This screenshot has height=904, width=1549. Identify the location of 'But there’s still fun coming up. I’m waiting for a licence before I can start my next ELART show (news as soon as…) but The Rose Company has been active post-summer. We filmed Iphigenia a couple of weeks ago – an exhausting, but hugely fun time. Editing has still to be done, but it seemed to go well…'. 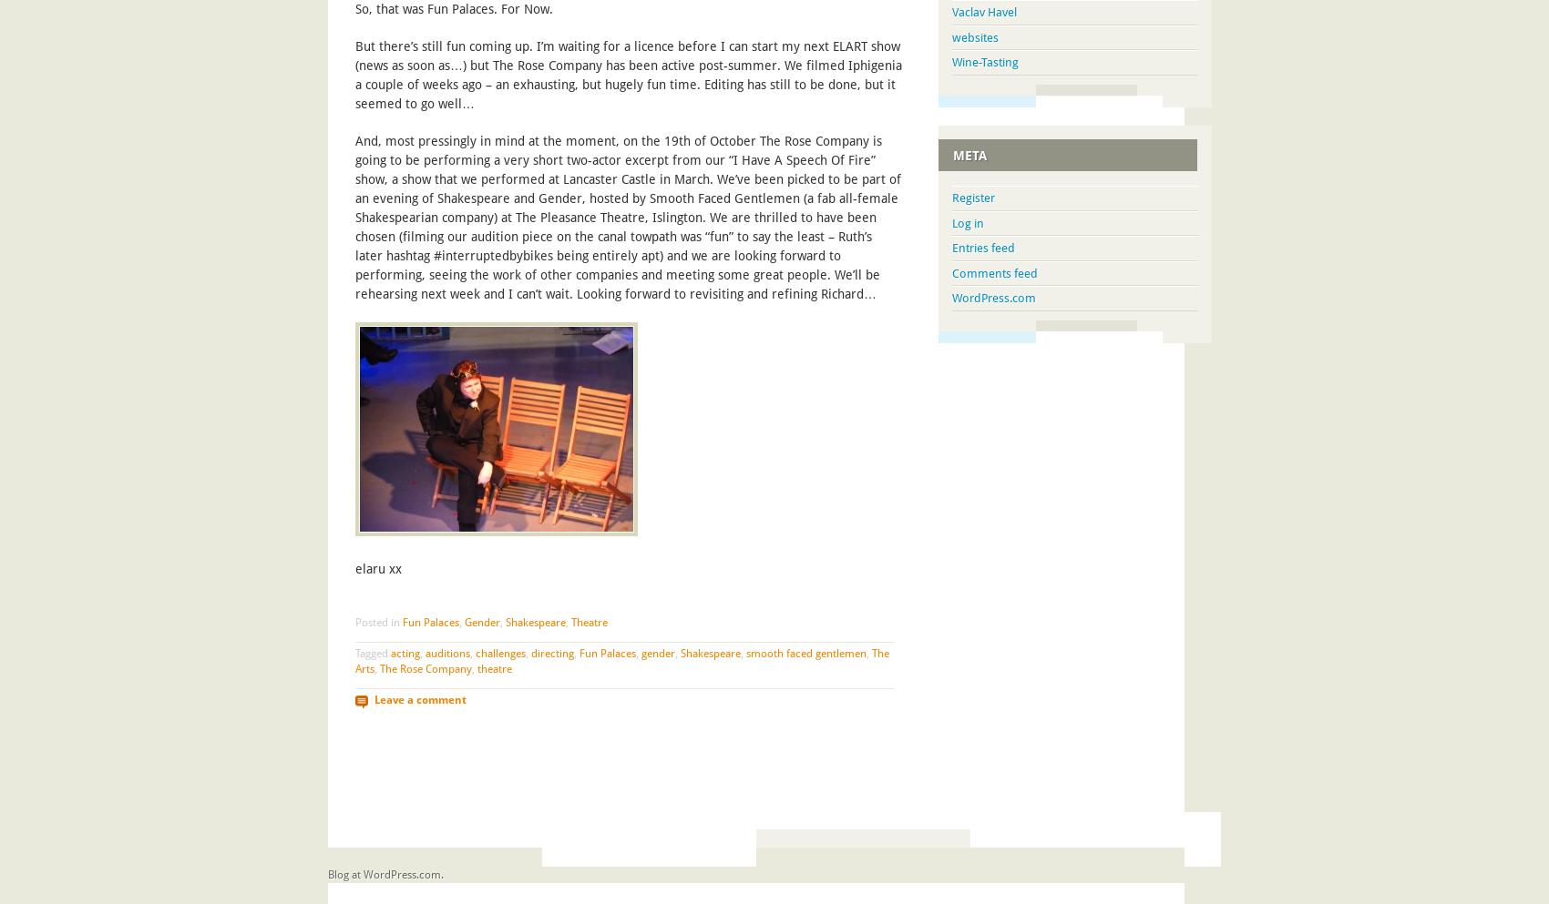
(629, 74).